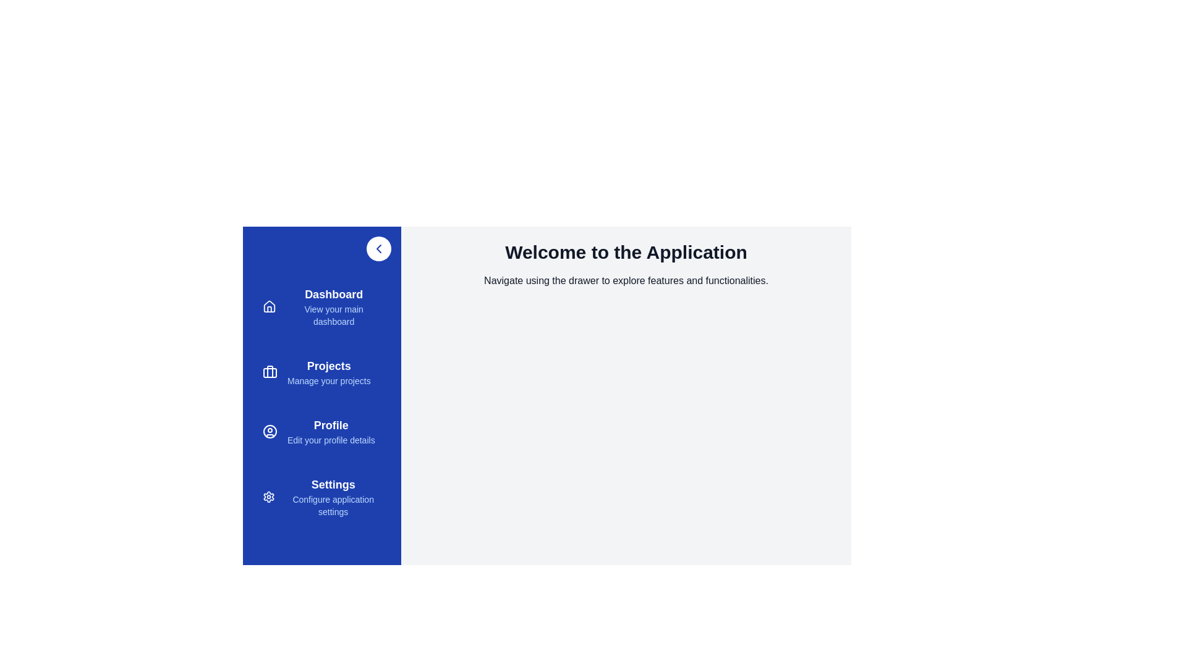  Describe the element at coordinates (322, 306) in the screenshot. I see `the menu item Dashboard to view its hover effect` at that location.